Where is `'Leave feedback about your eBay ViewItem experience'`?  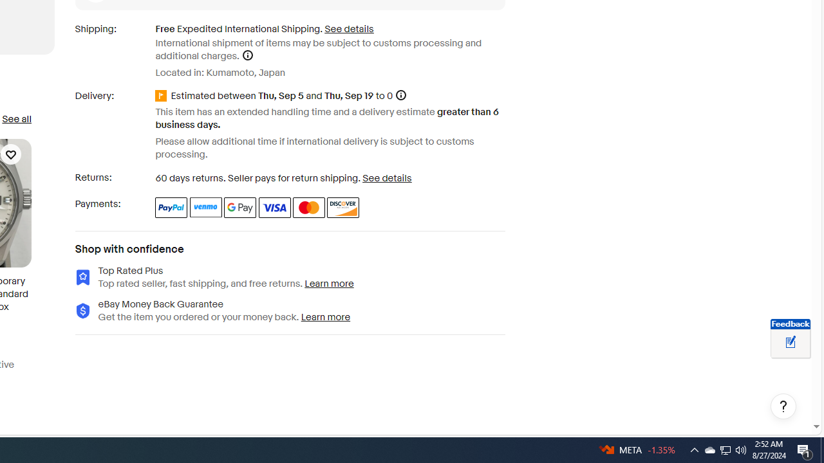
'Leave feedback about your eBay ViewItem experience' is located at coordinates (790, 342).